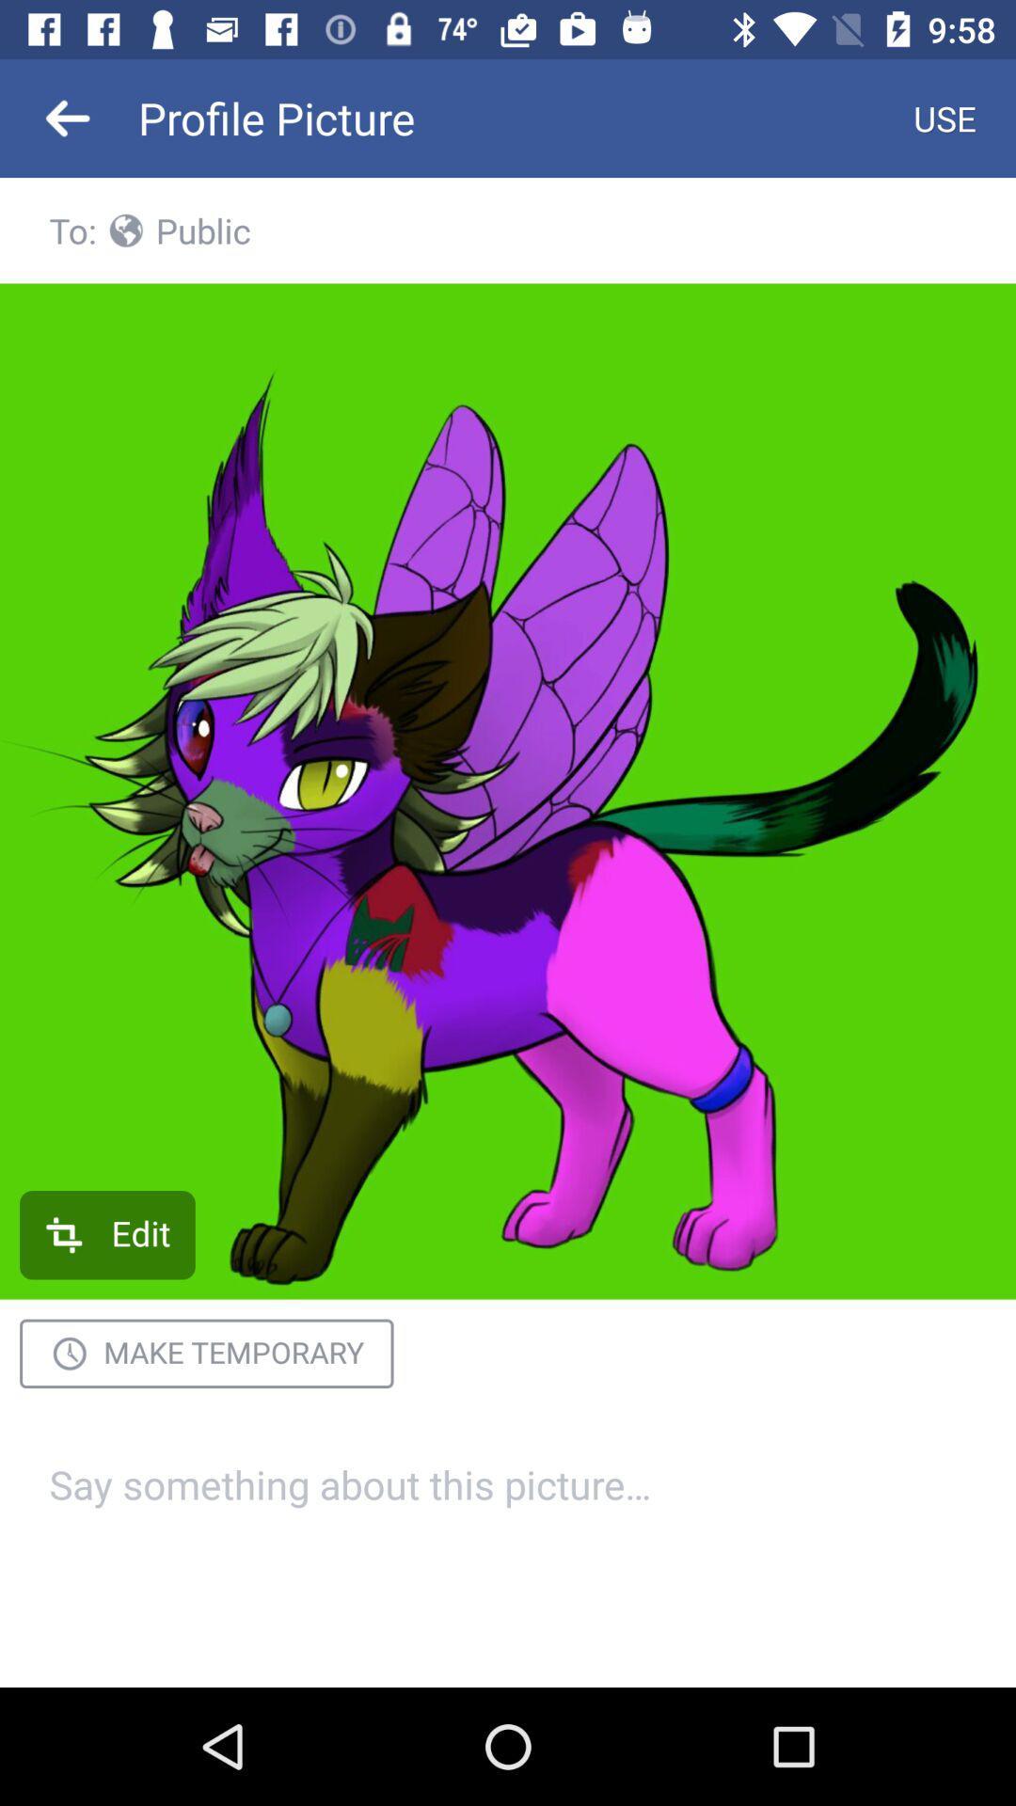 The width and height of the screenshot is (1016, 1806). I want to click on the make temporary item, so click(206, 1353).